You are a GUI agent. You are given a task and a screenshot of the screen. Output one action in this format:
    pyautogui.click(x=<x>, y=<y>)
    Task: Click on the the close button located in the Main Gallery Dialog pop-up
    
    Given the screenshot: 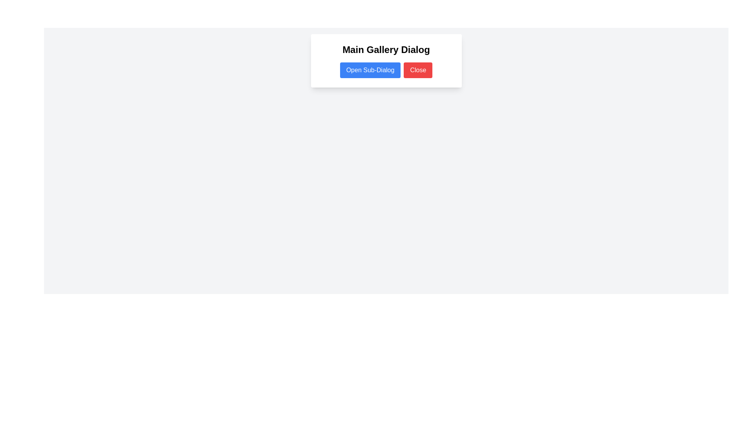 What is the action you would take?
    pyautogui.click(x=417, y=69)
    